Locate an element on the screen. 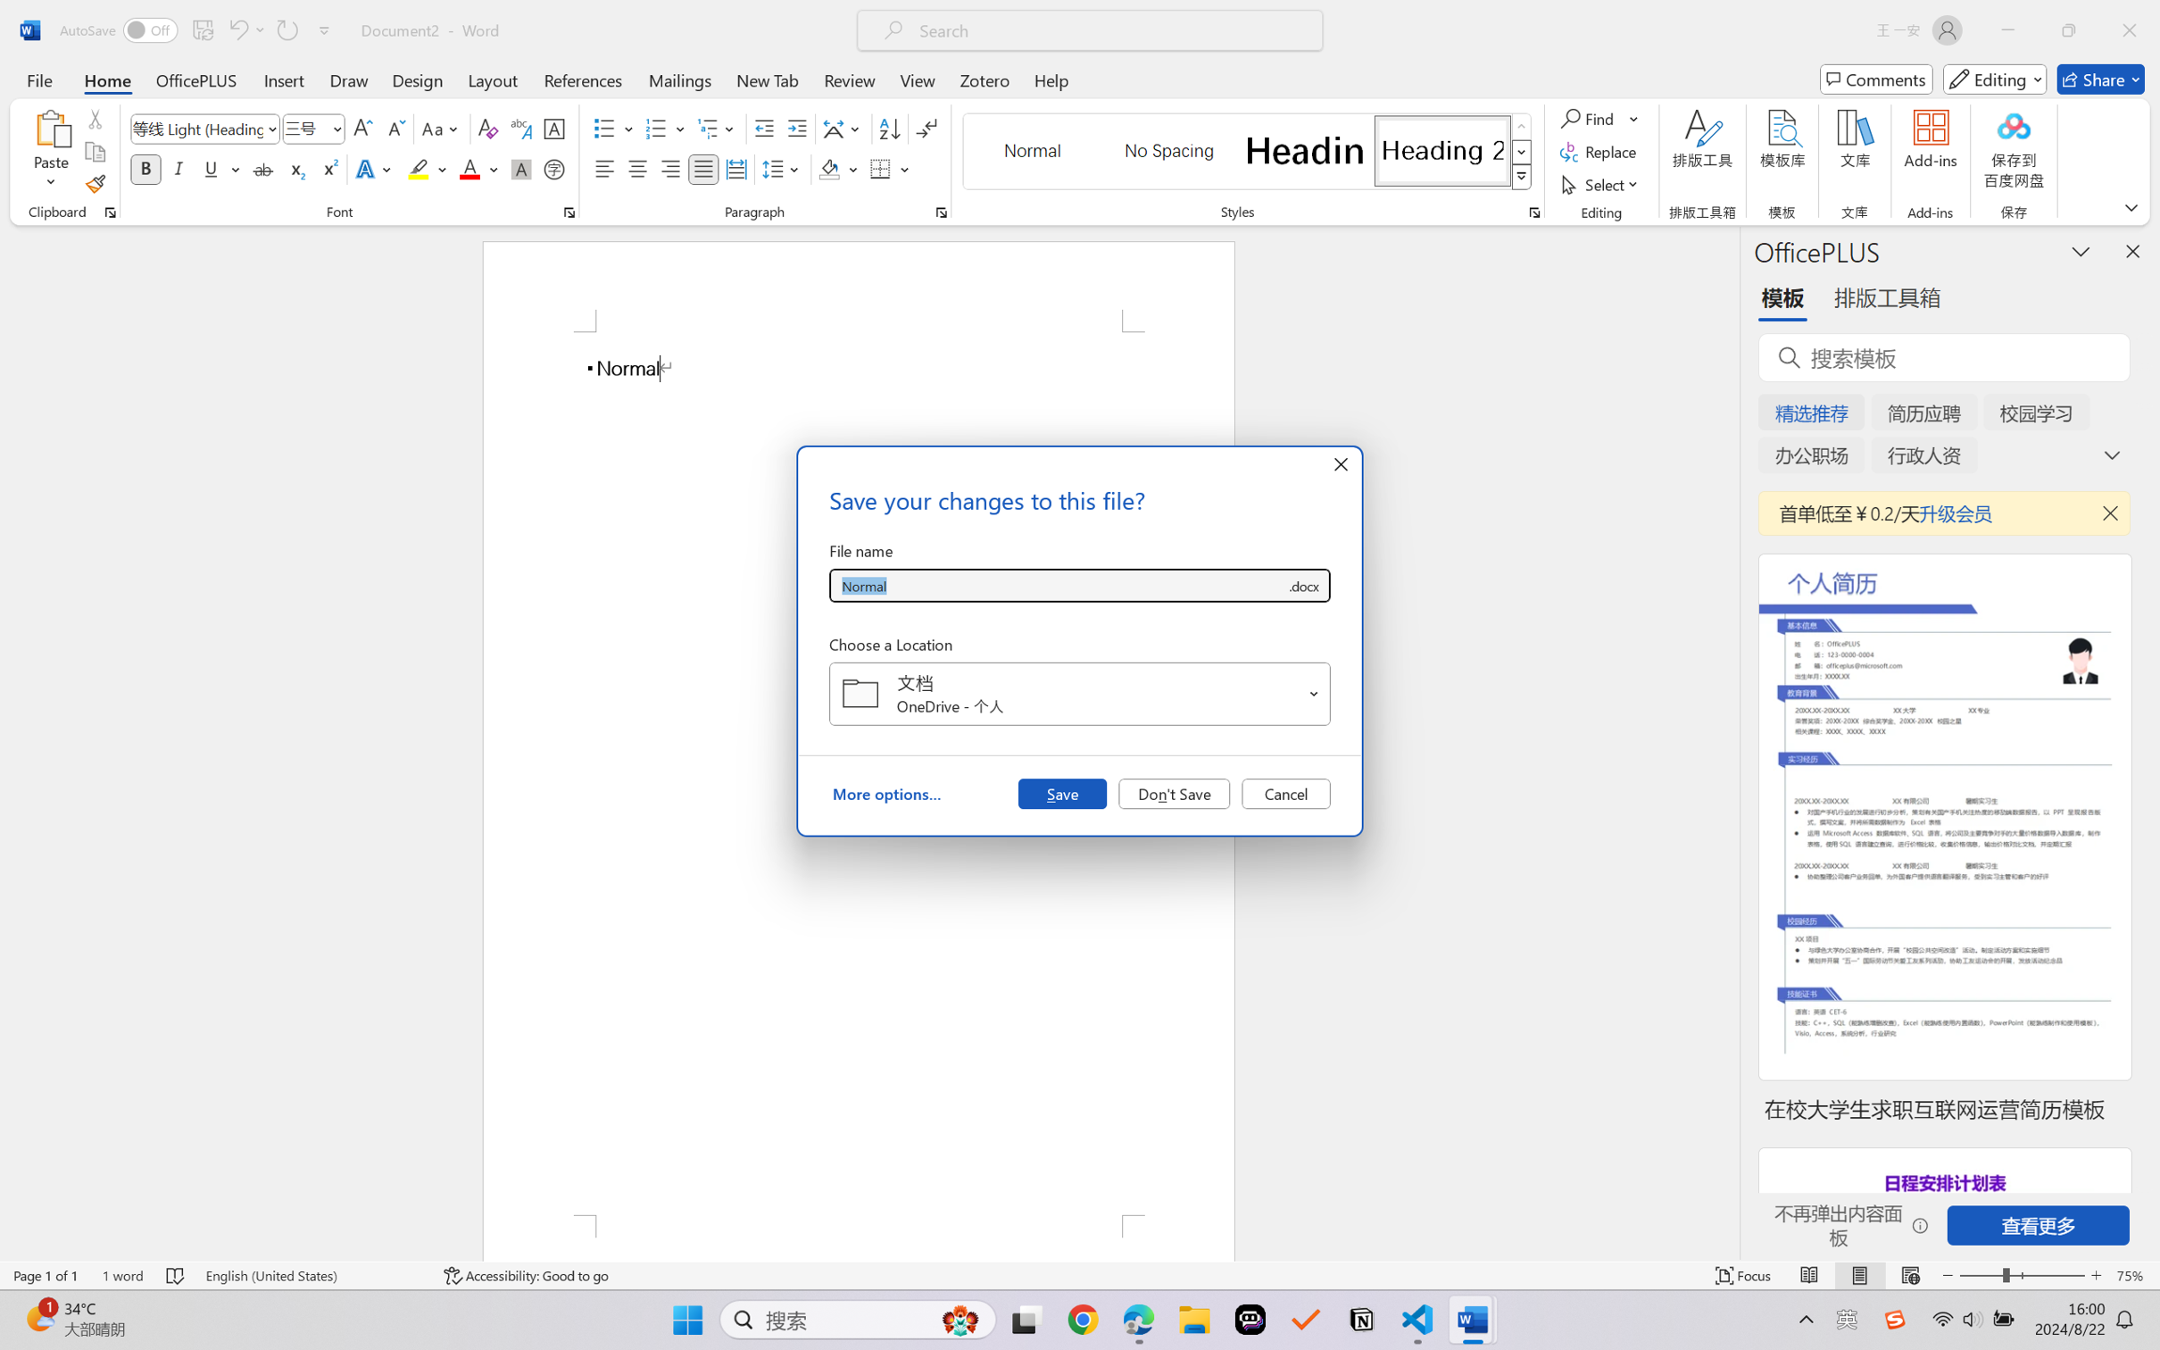 The image size is (2160, 1350). 'Numbering' is located at coordinates (656, 129).